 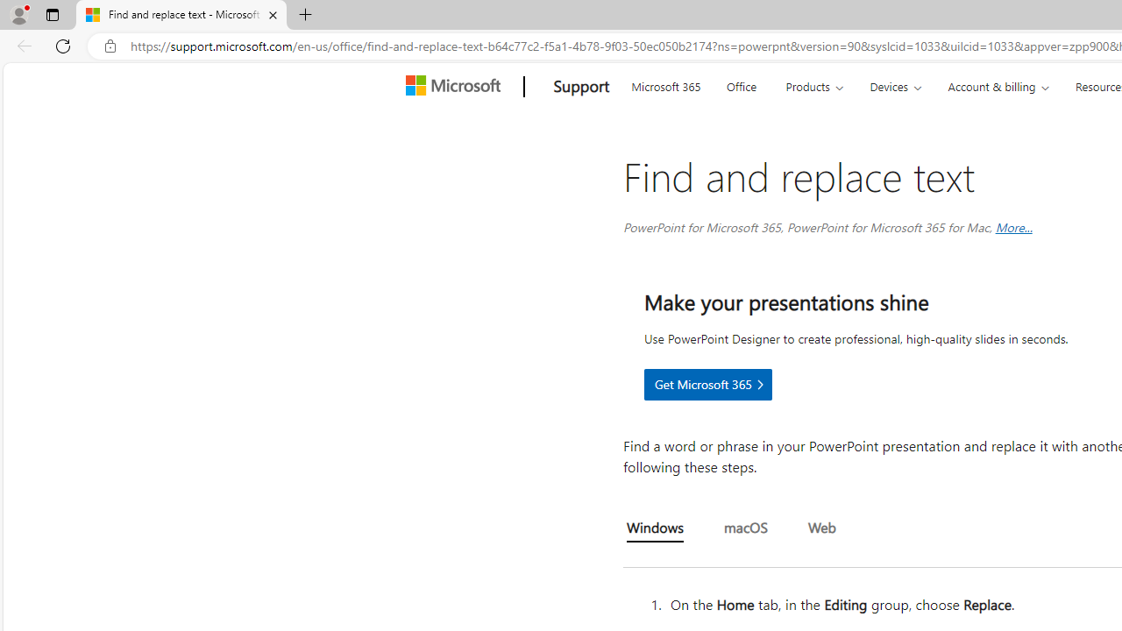 What do you see at coordinates (456, 87) in the screenshot?
I see `'Microsoft'` at bounding box center [456, 87].